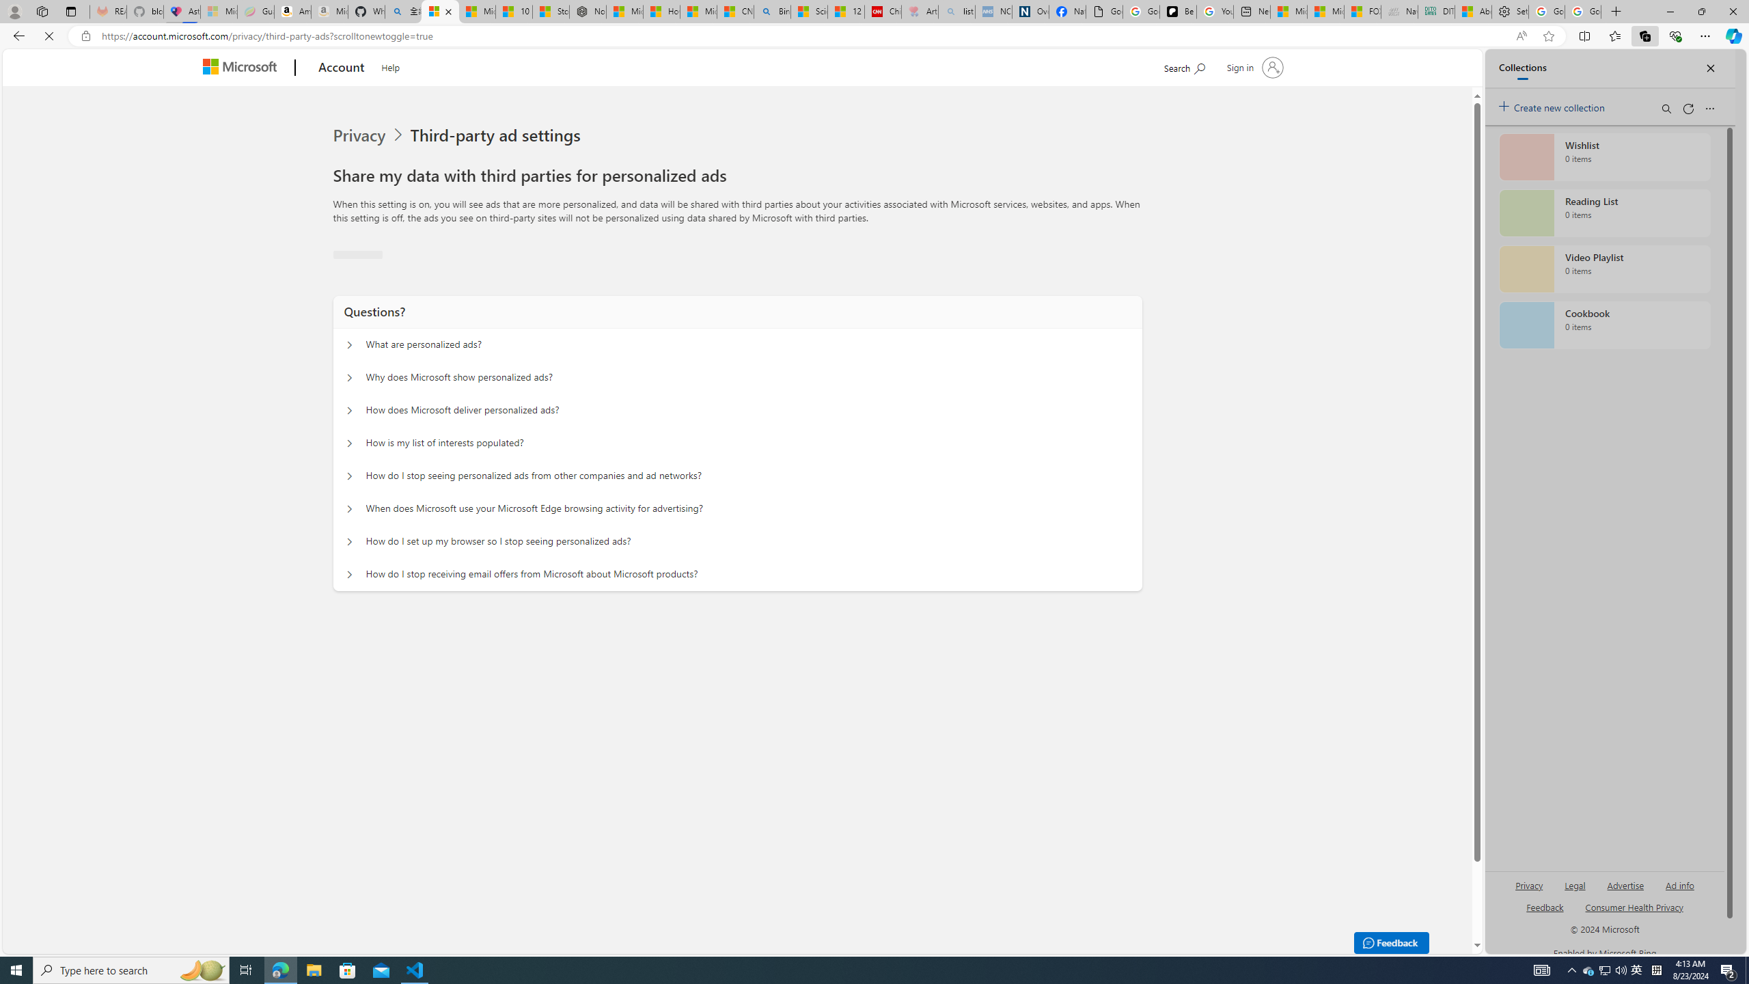  I want to click on 'Account', so click(340, 68).